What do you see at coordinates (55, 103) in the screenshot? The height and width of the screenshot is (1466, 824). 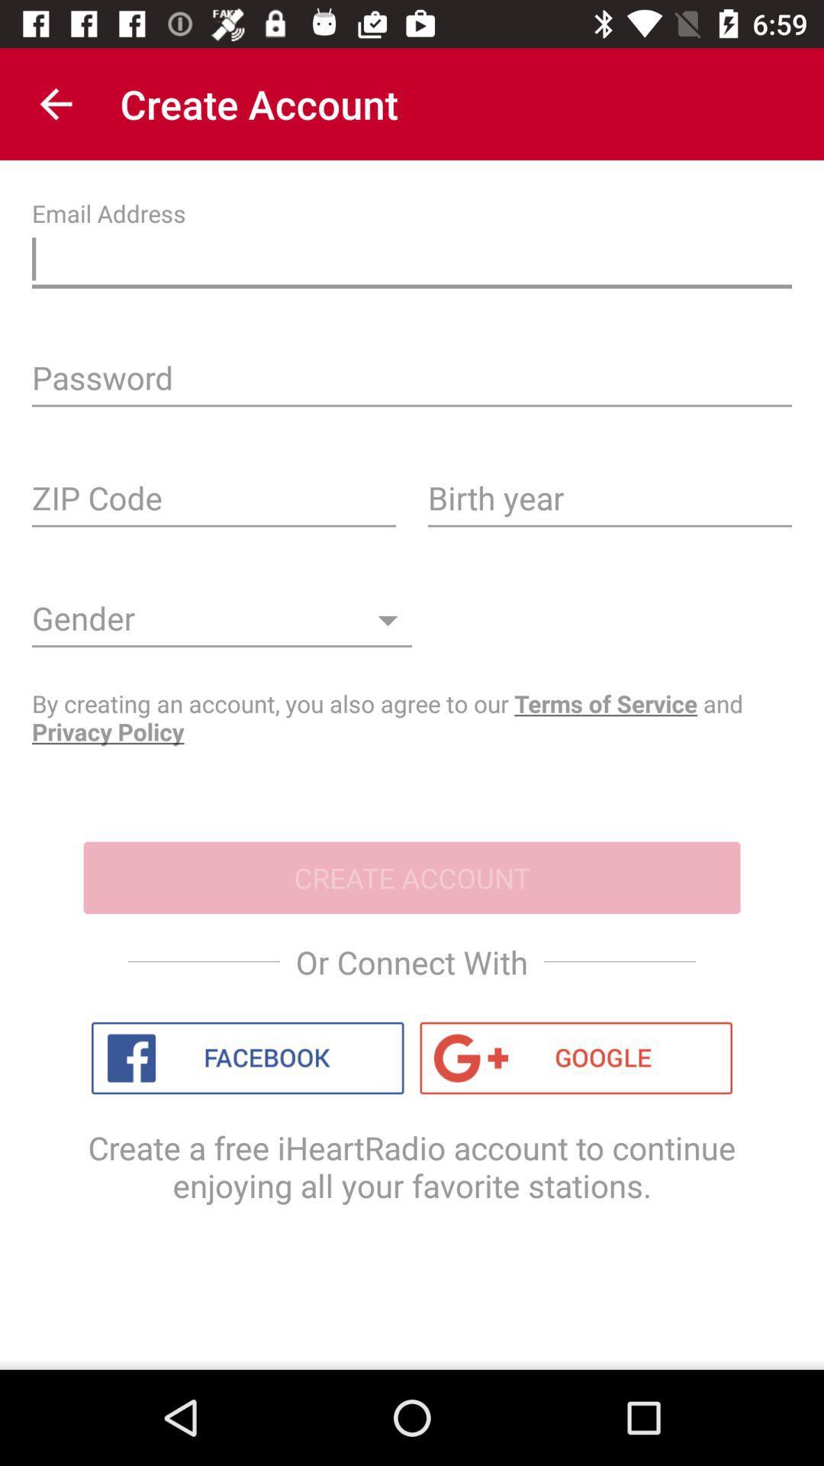 I see `the app next to the create account item` at bounding box center [55, 103].